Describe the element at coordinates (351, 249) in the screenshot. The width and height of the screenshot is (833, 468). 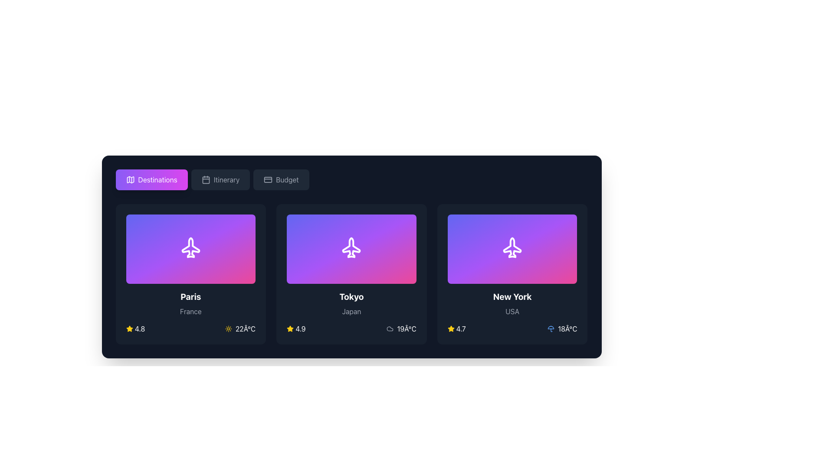
I see `the airplane icon centered within the card labeled 'Tokyo, Japan', which has a white airplane design on a gradient purple-pink background` at that location.